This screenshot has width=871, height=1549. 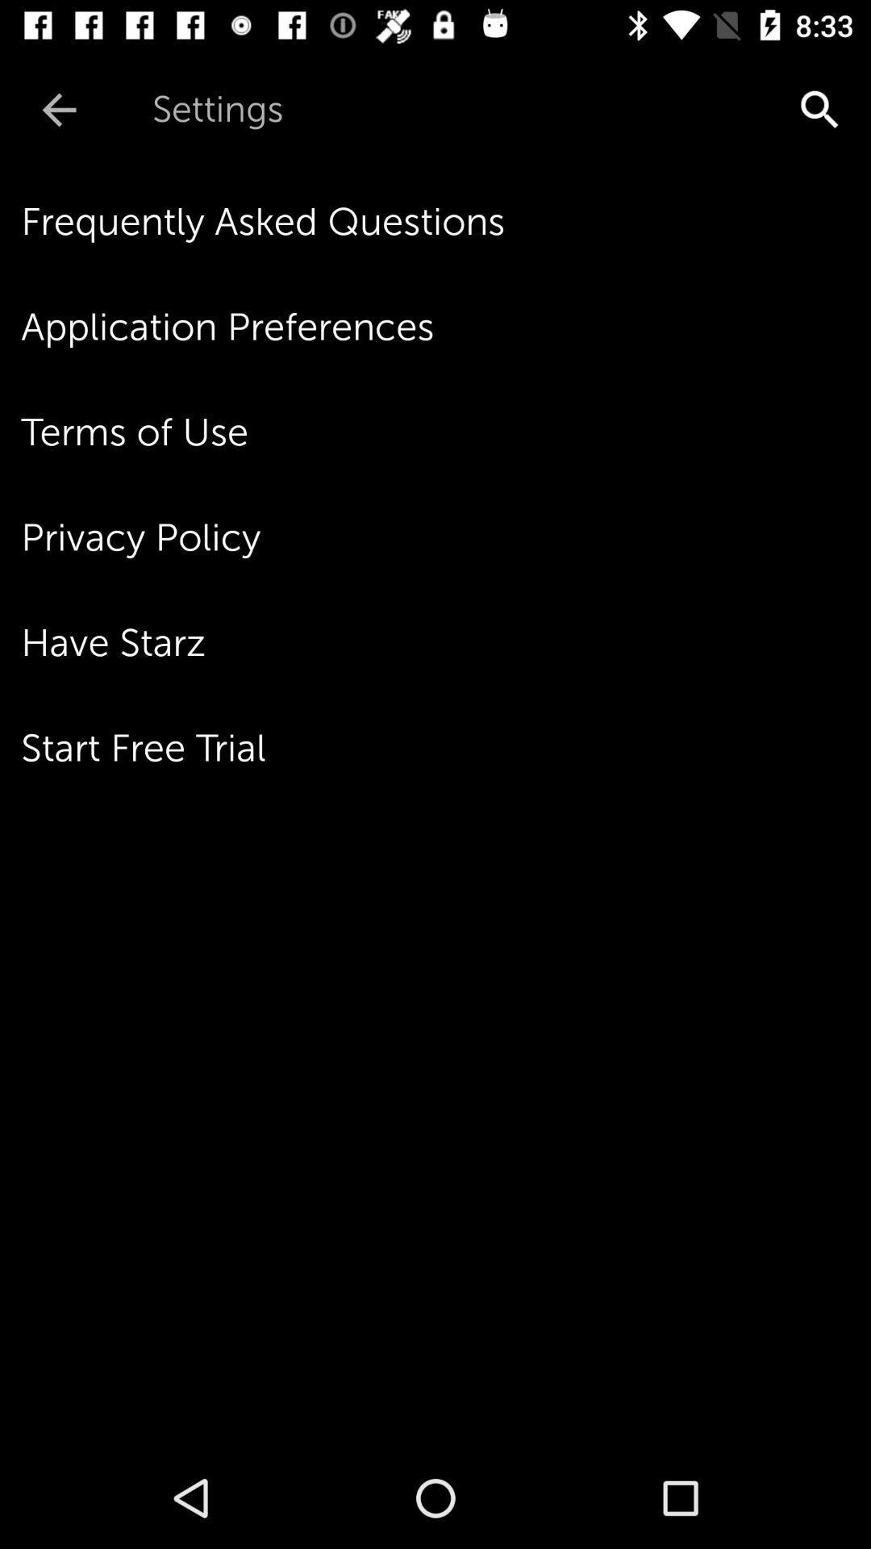 What do you see at coordinates (684, 109) in the screenshot?
I see `the item to the right of settings` at bounding box center [684, 109].